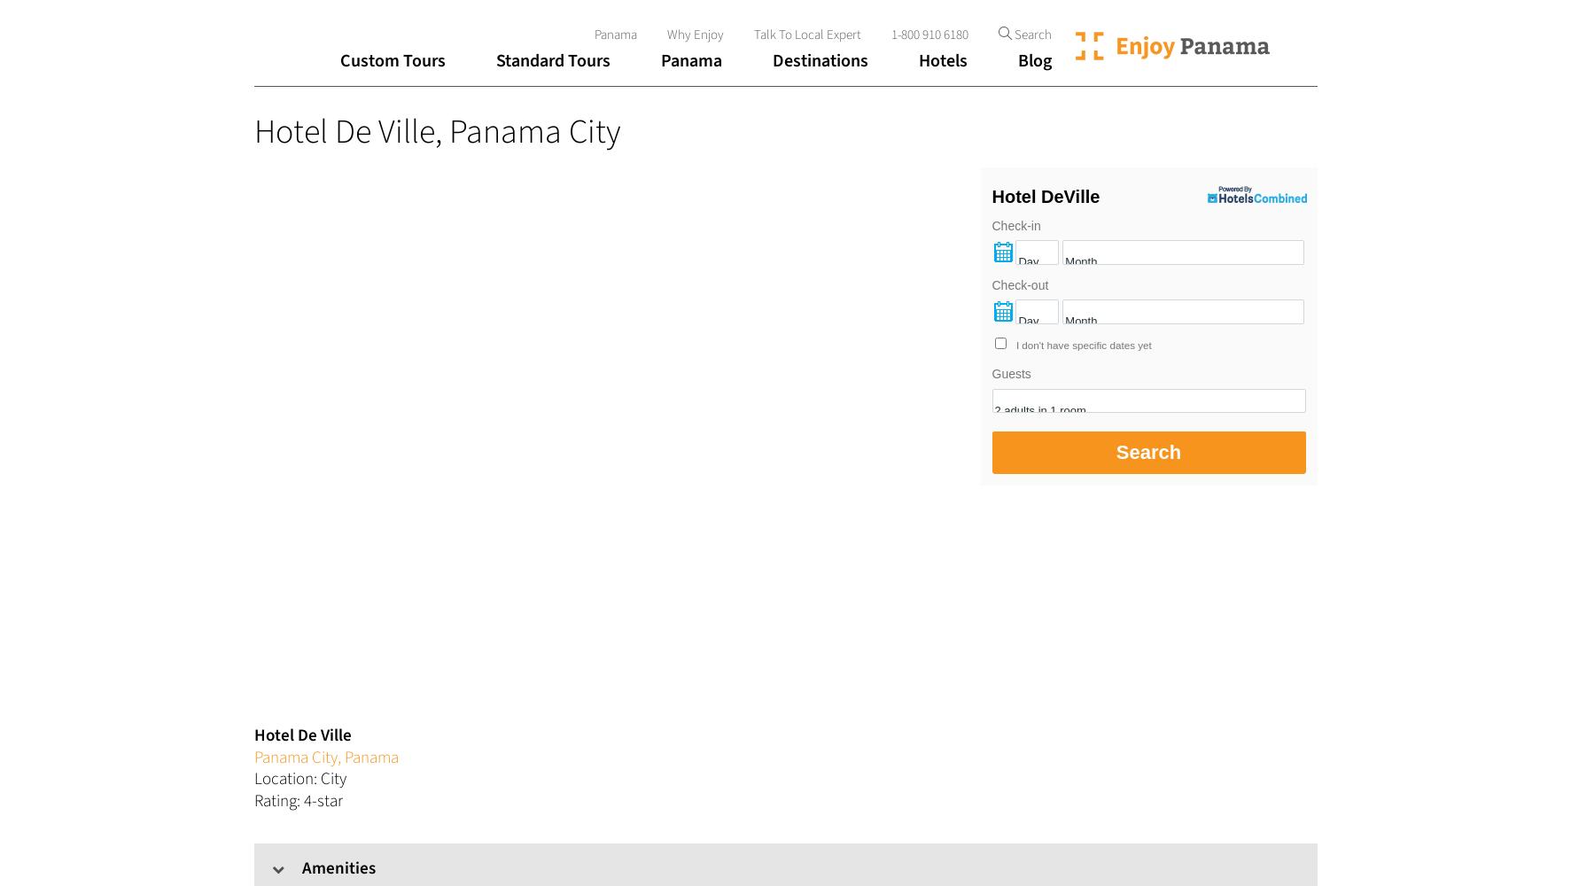 This screenshot has width=1571, height=886. I want to click on 'Sample Itineraries', so click(356, 214).